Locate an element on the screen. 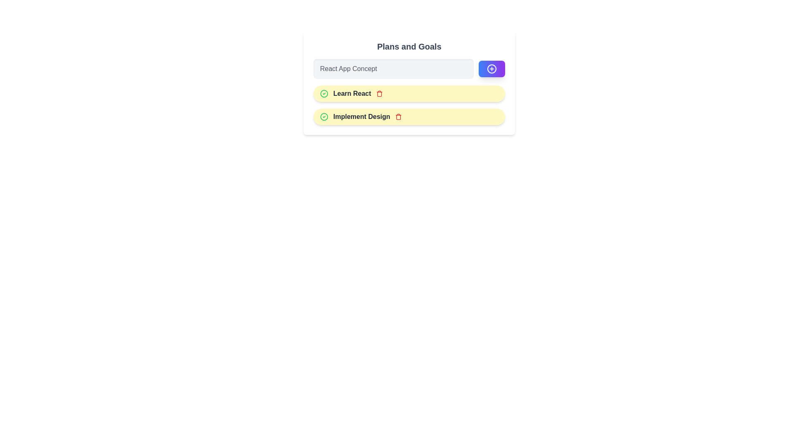  the 'Add' button to add the task entered in the input field is located at coordinates (491, 68).